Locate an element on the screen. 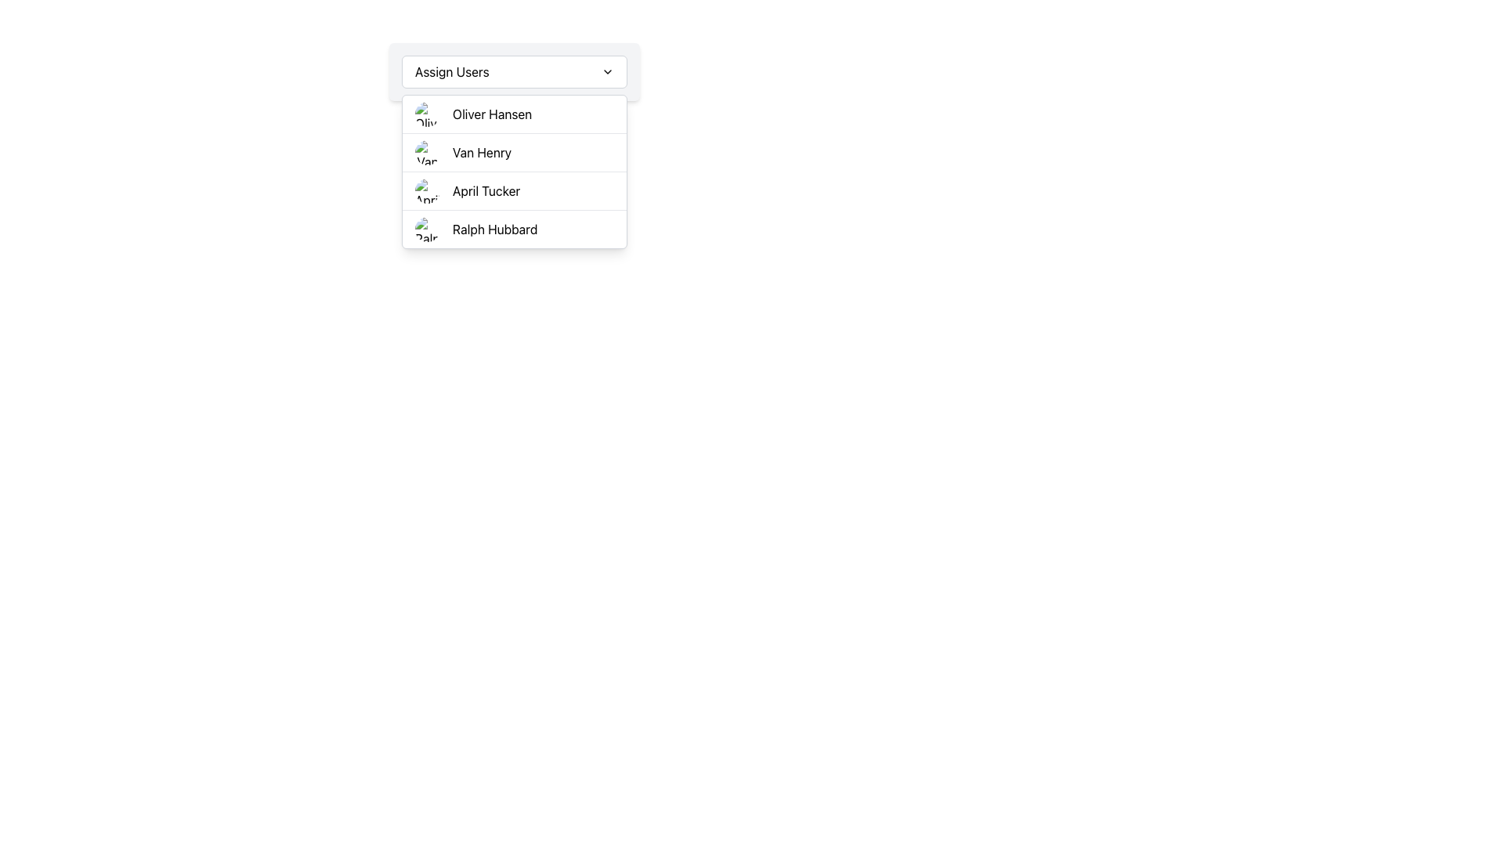 This screenshot has height=846, width=1504. to select the list item representing 'April Tucker', which is positioned in the third row of the dropdown list, below 'Van Henry' and above 'Ralph Hubbard' is located at coordinates (486, 190).